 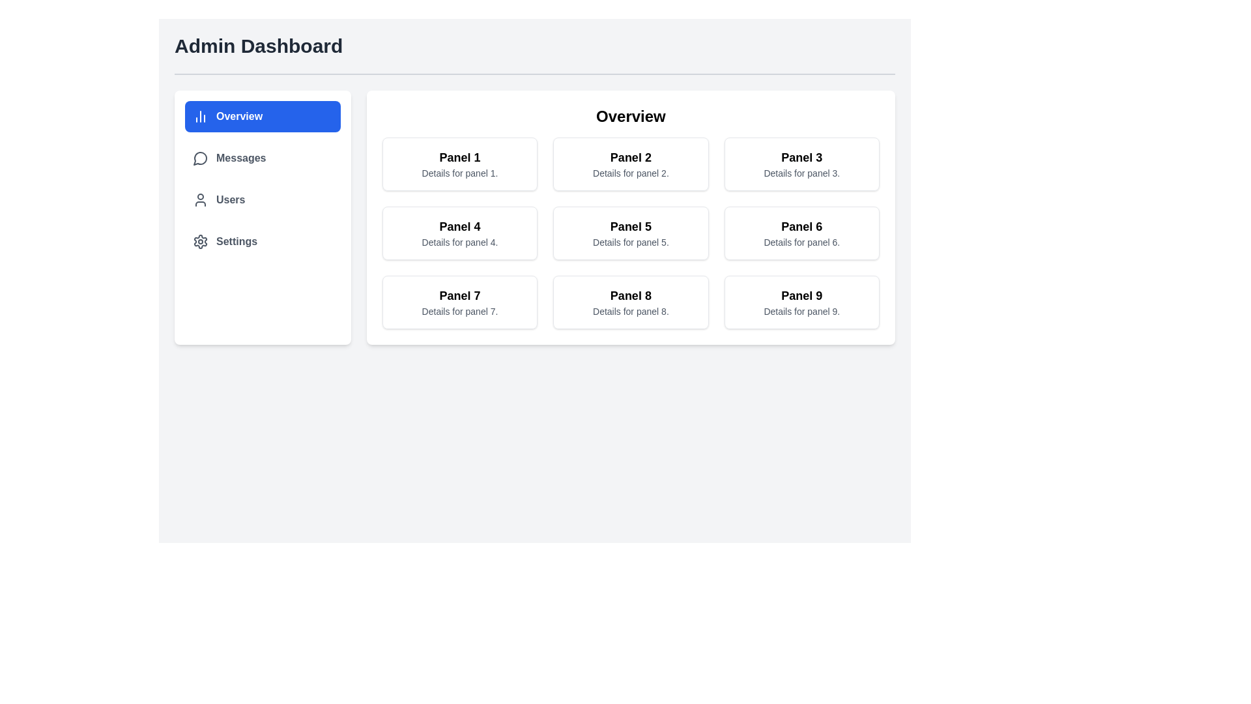 What do you see at coordinates (801, 242) in the screenshot?
I see `the descriptive text located directly below the 'Panel 6' heading in the sixth panel of the grid` at bounding box center [801, 242].